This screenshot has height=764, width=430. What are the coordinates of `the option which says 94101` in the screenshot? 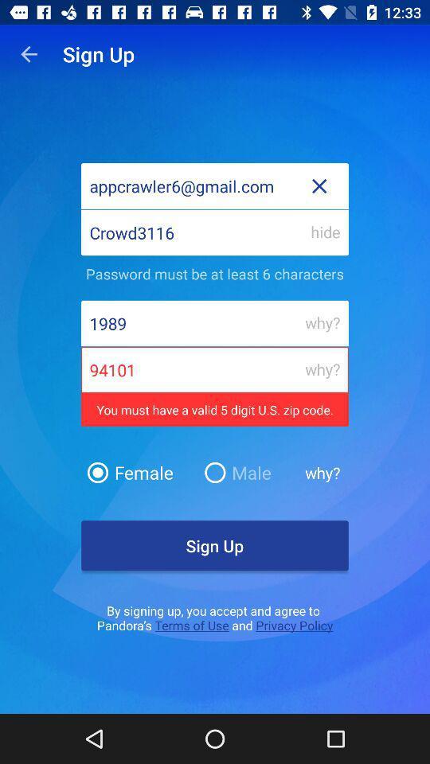 It's located at (215, 370).